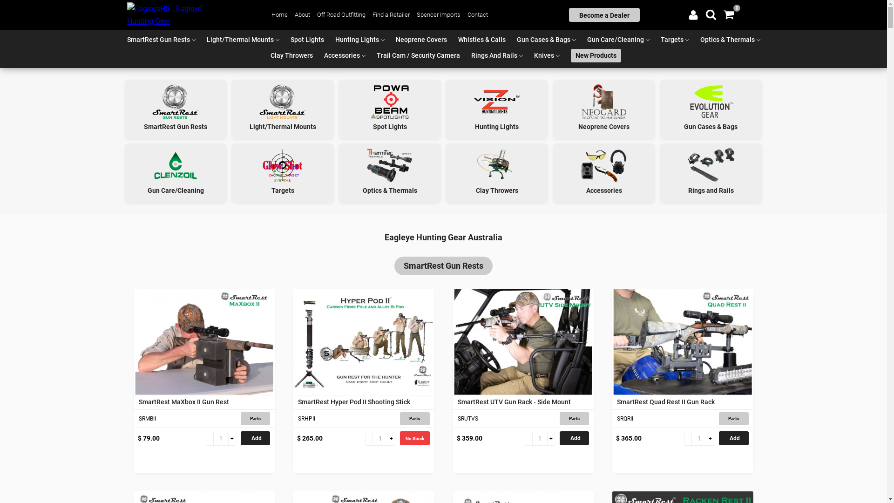 This screenshot has height=503, width=894. What do you see at coordinates (604, 14) in the screenshot?
I see `'Become a Dealer'` at bounding box center [604, 14].